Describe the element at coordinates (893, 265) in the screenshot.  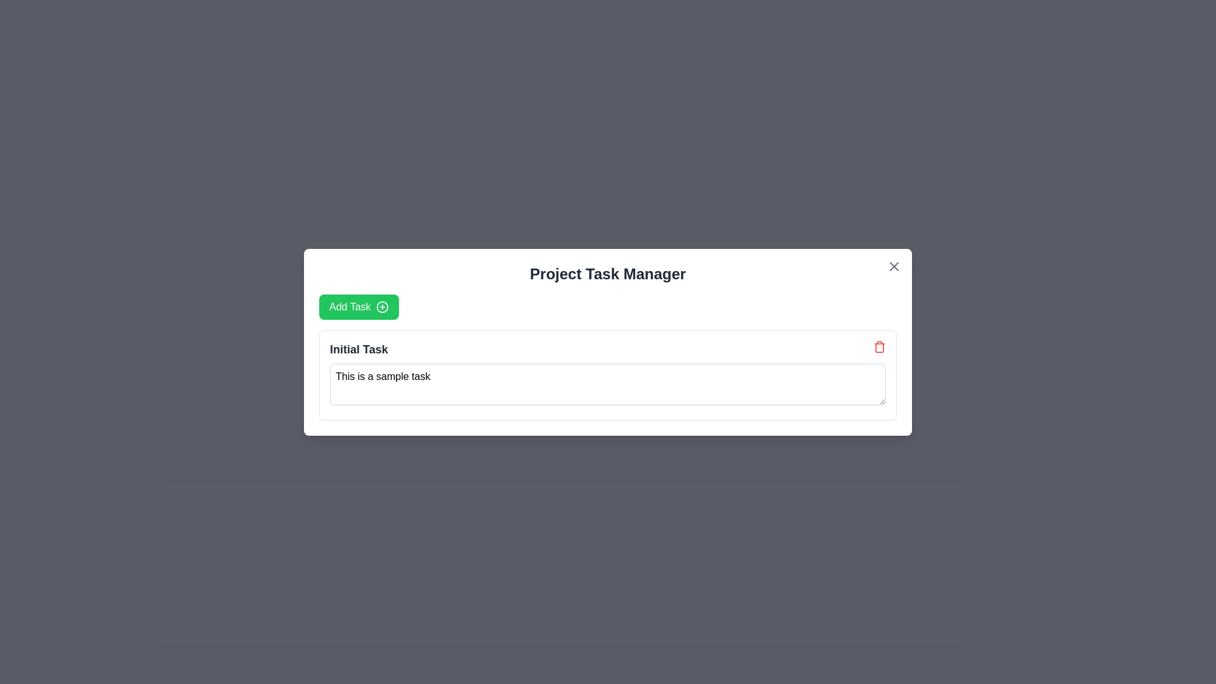
I see `the small gray button with an 'X' icon located in the upper-right corner of the 'Project Task Manager' modal dialog to change its color` at that location.